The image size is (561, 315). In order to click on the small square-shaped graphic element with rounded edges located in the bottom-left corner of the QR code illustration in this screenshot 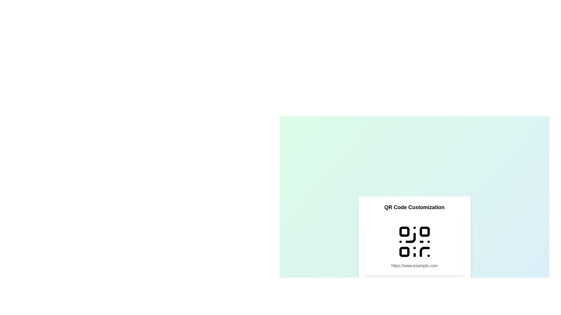, I will do `click(404, 251)`.